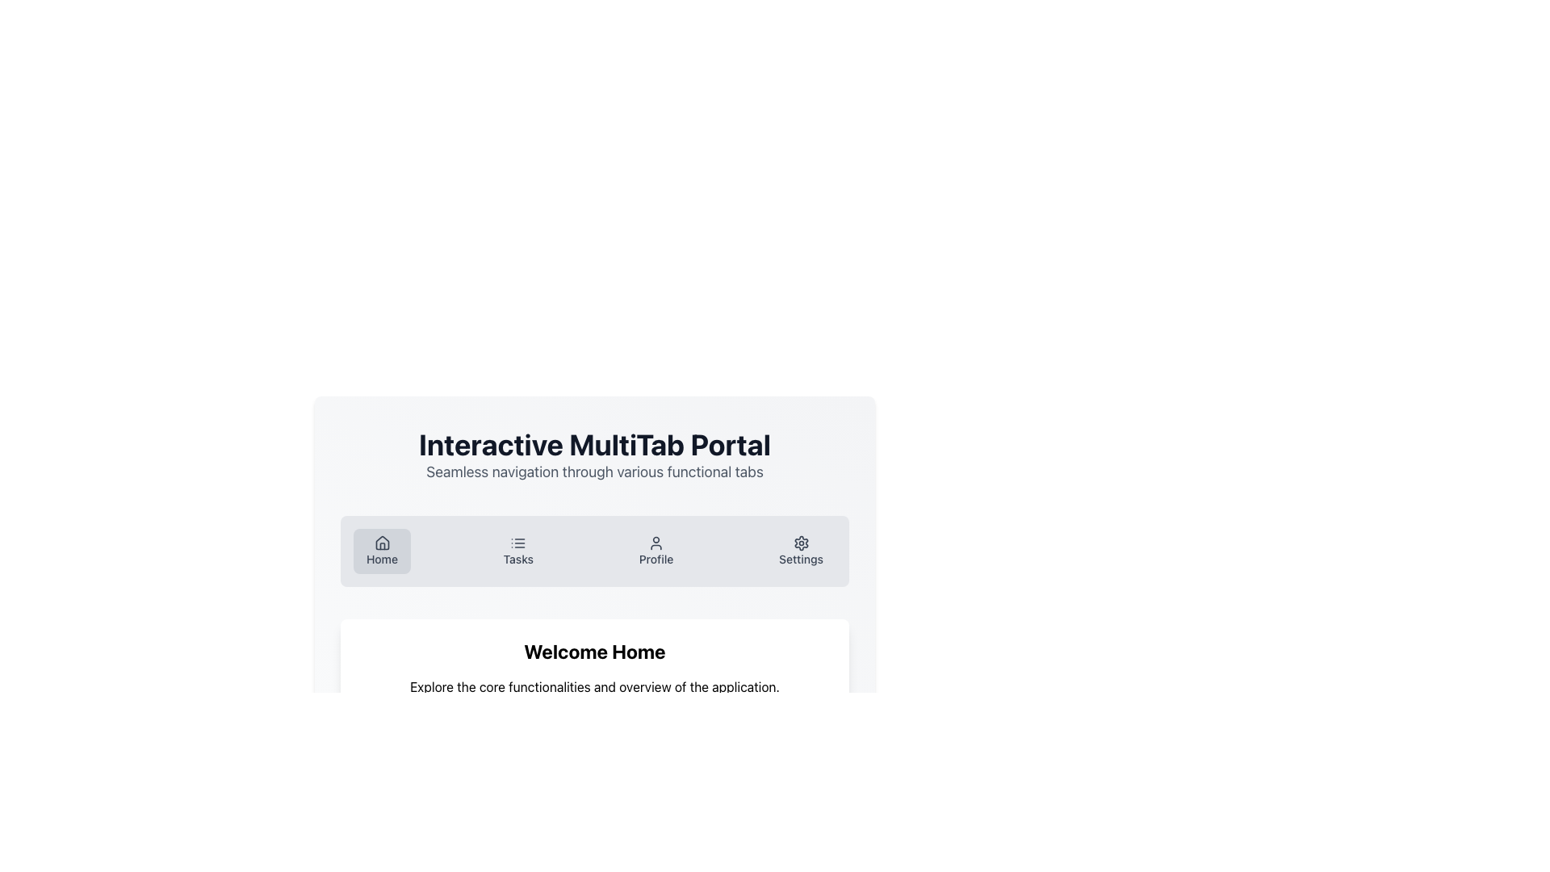  Describe the element at coordinates (381, 550) in the screenshot. I see `the 'Home' button, which is a rectangular button with rounded corners, gray background, and displays a house icon above the text label 'Home'` at that location.